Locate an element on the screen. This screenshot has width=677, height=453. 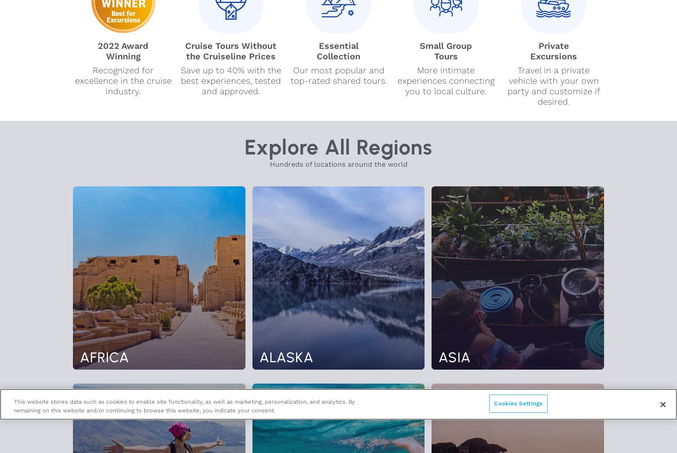
'Explore All Regions' is located at coordinates (338, 147).